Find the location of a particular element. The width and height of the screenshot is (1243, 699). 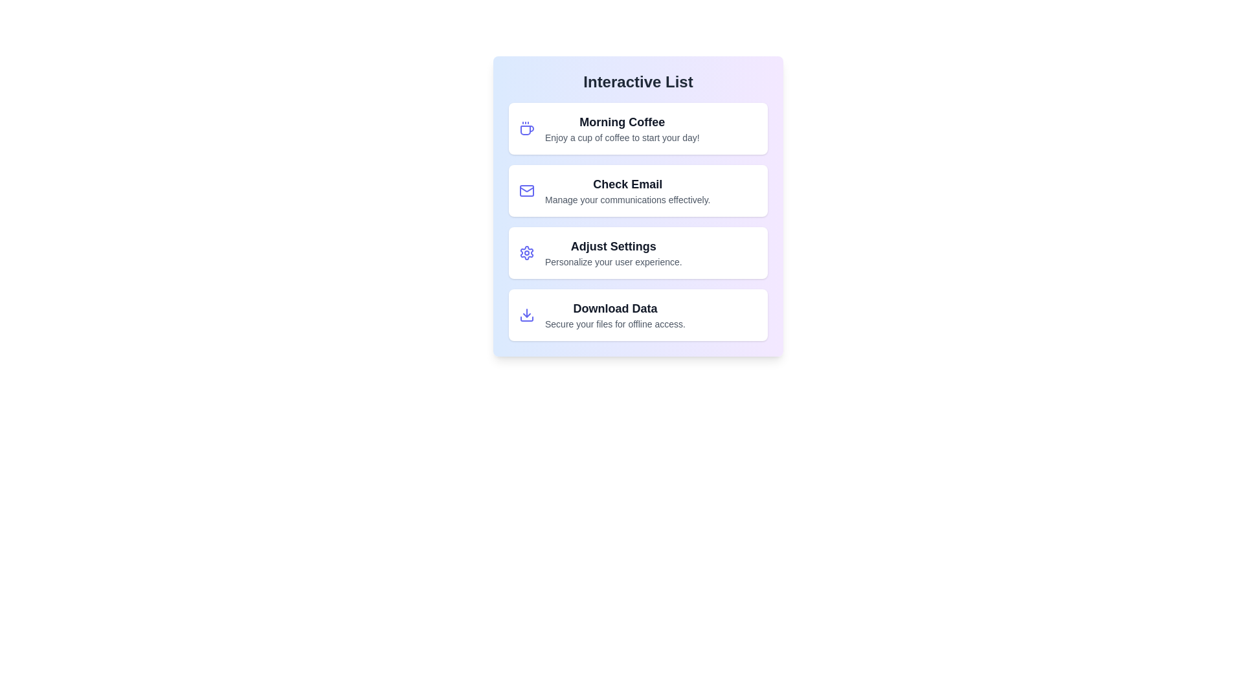

the icon associated with Check Email to inspect it is located at coordinates (527, 190).